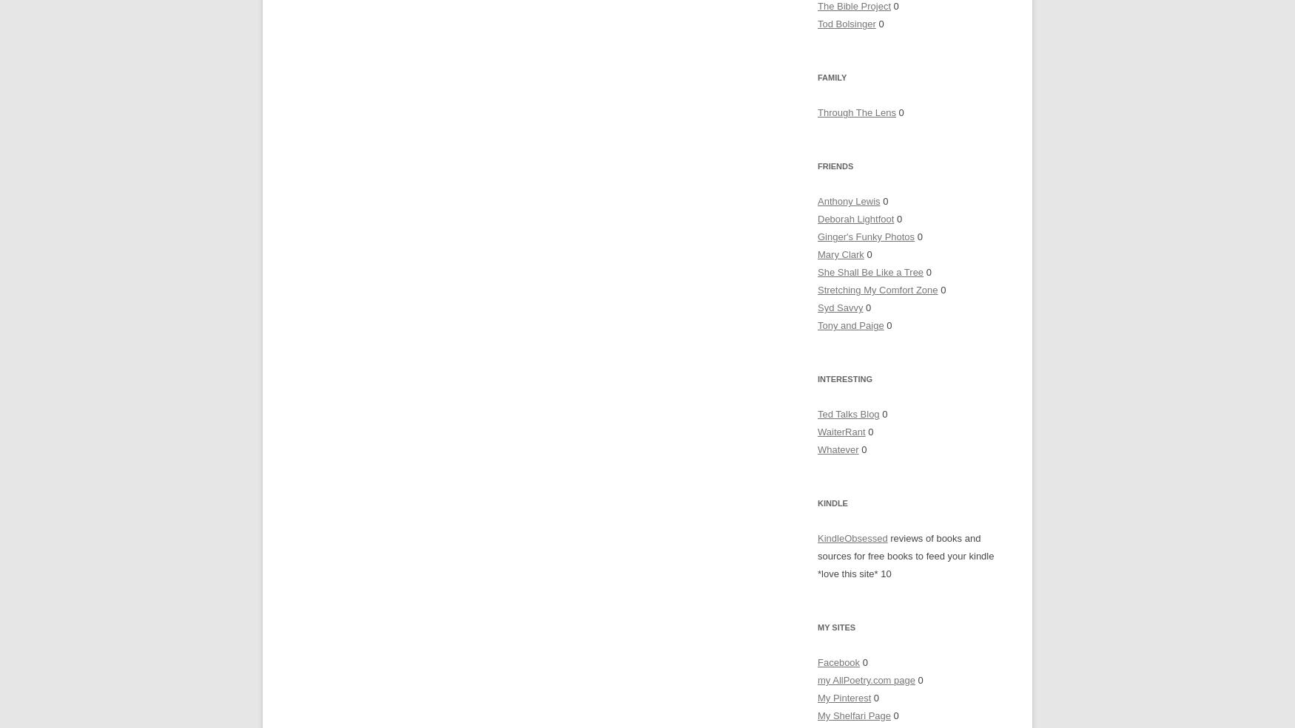 The width and height of the screenshot is (1295, 728). Describe the element at coordinates (853, 5) in the screenshot. I see `'The Bible Project'` at that location.